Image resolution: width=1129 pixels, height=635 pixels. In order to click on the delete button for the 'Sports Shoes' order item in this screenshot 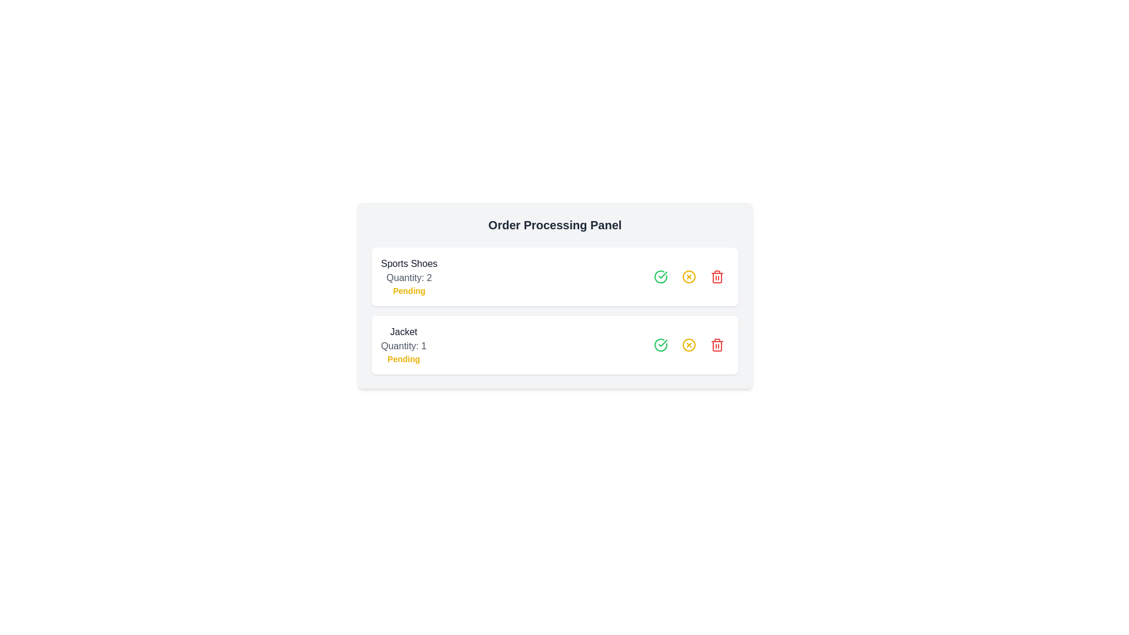, I will do `click(716, 276)`.